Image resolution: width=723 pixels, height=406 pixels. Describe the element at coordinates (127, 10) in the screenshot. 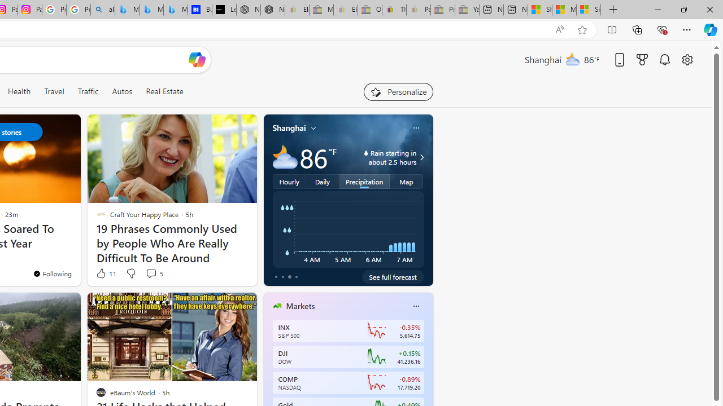

I see `'Microsoft Bing Travel - Flights from Hong Kong to Bangkok'` at that location.